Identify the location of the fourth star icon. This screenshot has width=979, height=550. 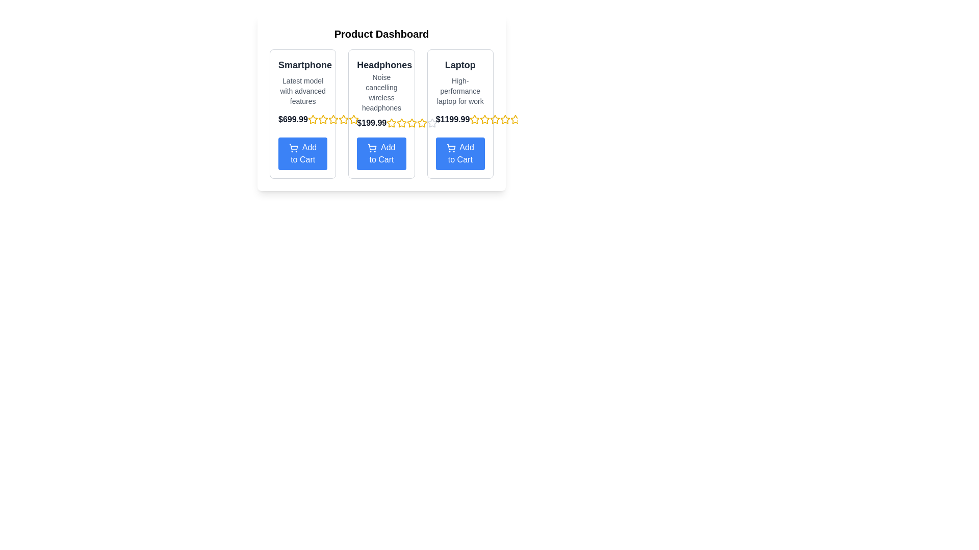
(343, 119).